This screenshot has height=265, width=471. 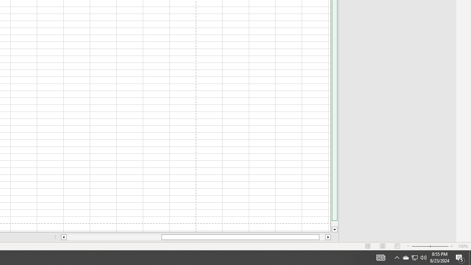 What do you see at coordinates (451, 246) in the screenshot?
I see `'Zoom In'` at bounding box center [451, 246].